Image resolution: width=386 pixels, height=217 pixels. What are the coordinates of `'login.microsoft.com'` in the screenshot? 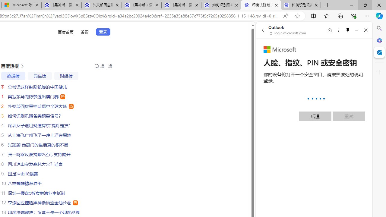 It's located at (288, 33).